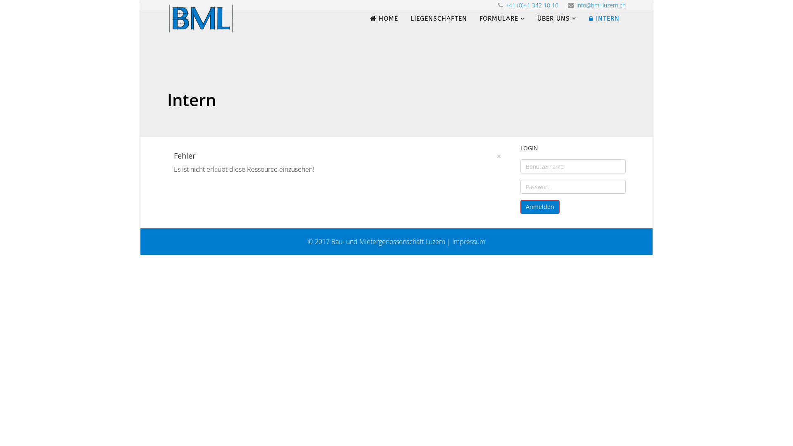 The image size is (793, 446). What do you see at coordinates (540, 206) in the screenshot?
I see `'Anmelden'` at bounding box center [540, 206].